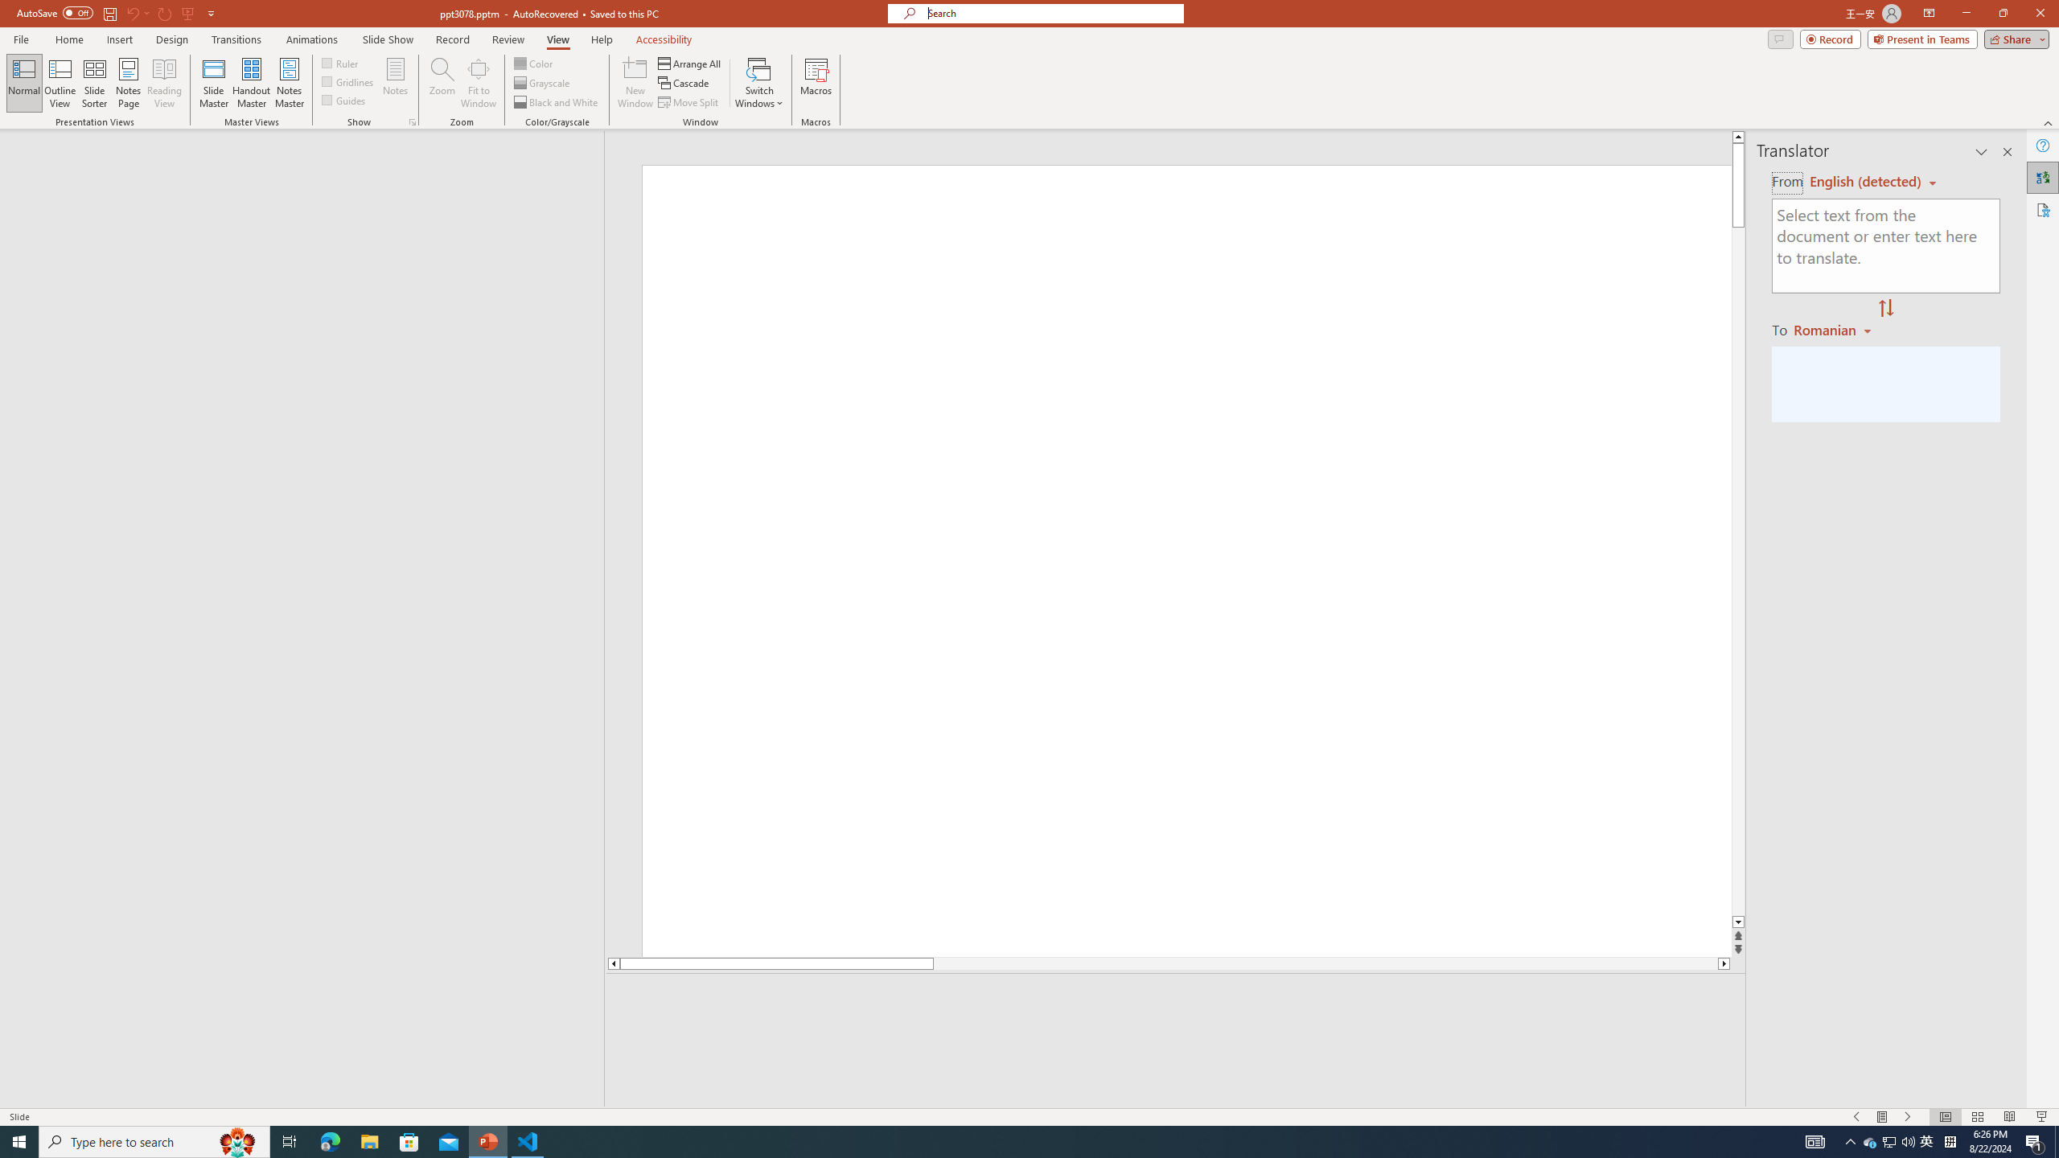  Describe the element at coordinates (128, 83) in the screenshot. I see `'Notes Page'` at that location.